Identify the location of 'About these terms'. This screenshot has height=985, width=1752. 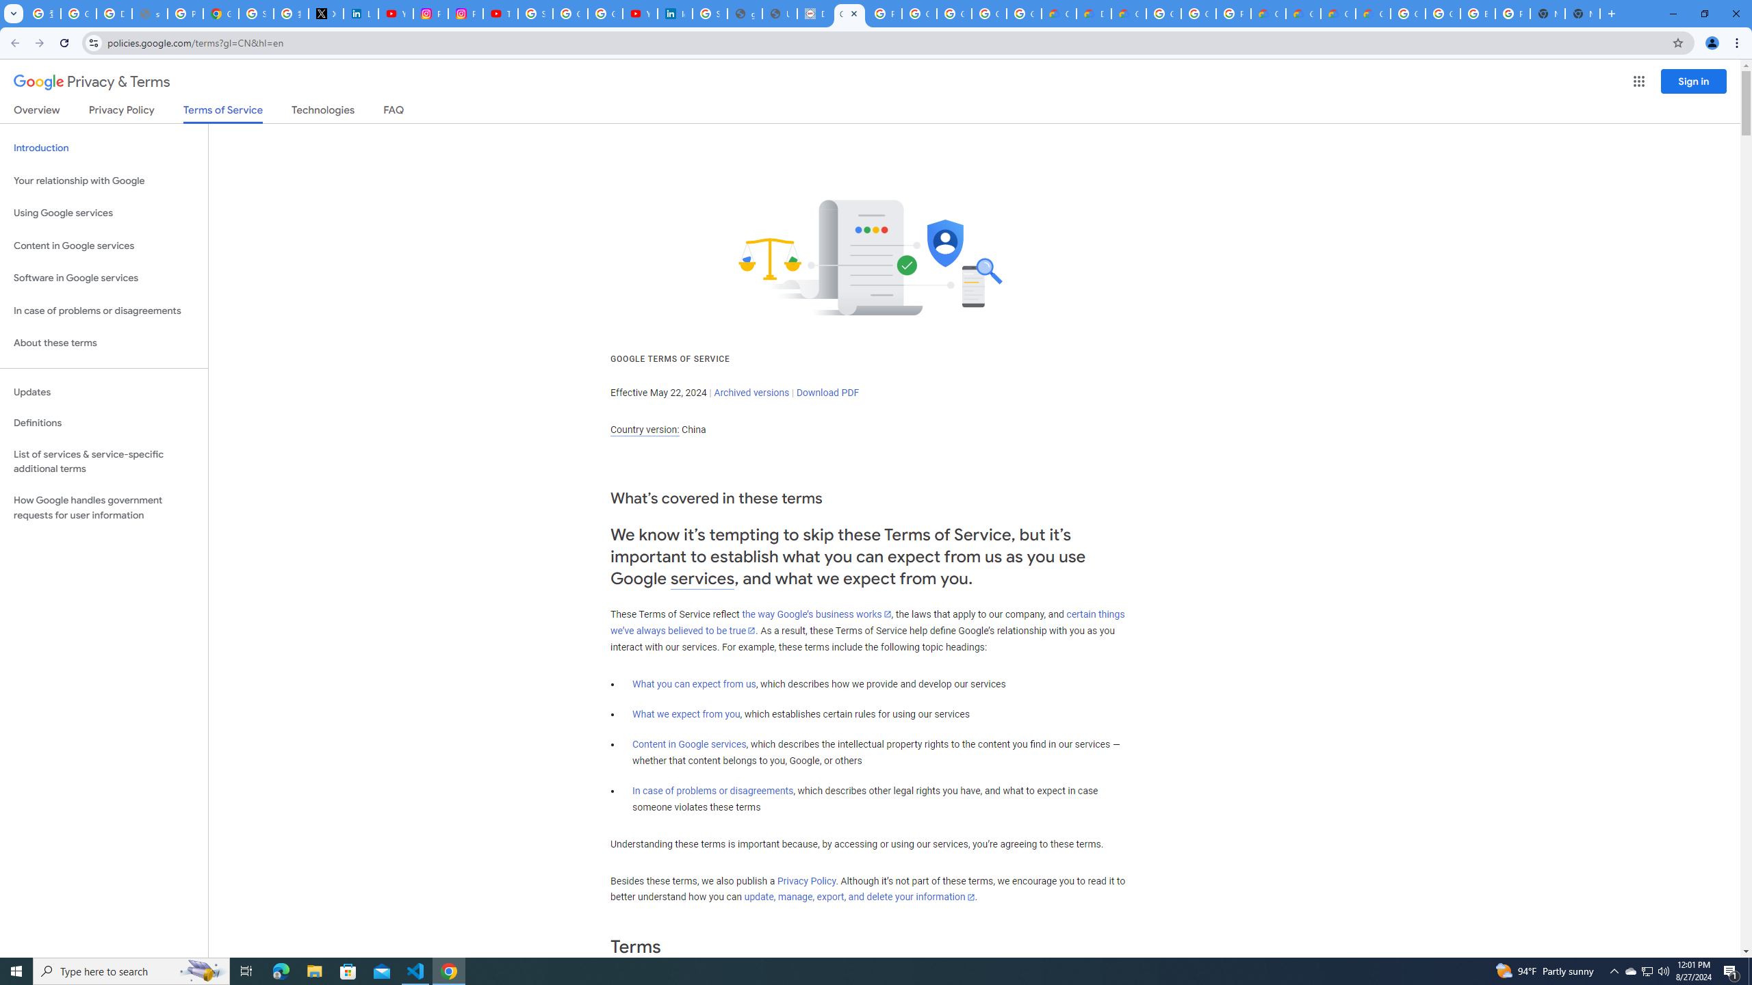
(103, 343).